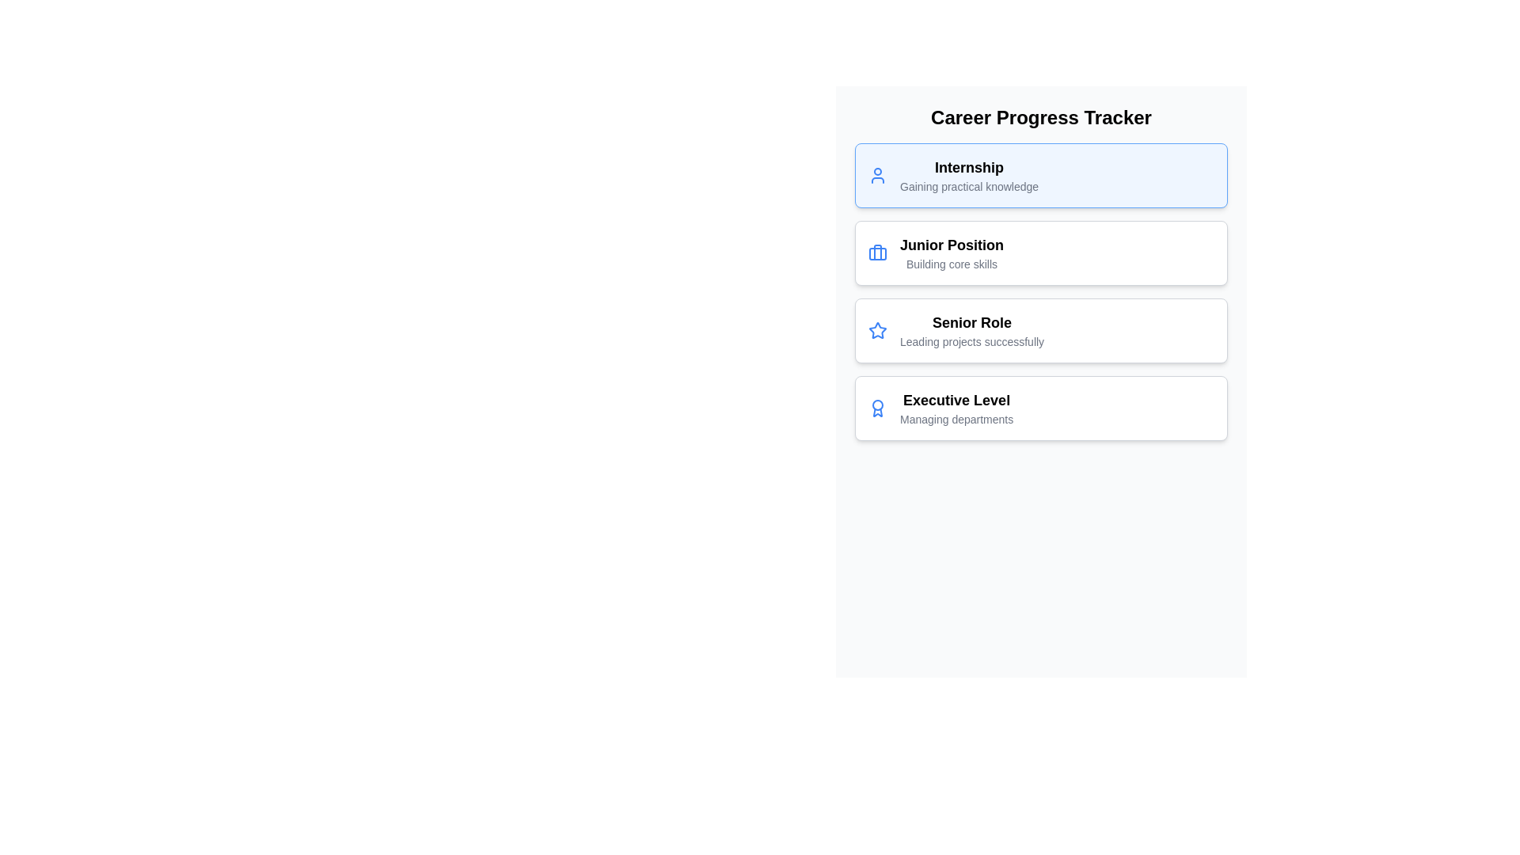 The width and height of the screenshot is (1520, 855). I want to click on text displayed in the 'Senior Role' career milestone card, which provides information about leading projects successfully, so click(971, 329).